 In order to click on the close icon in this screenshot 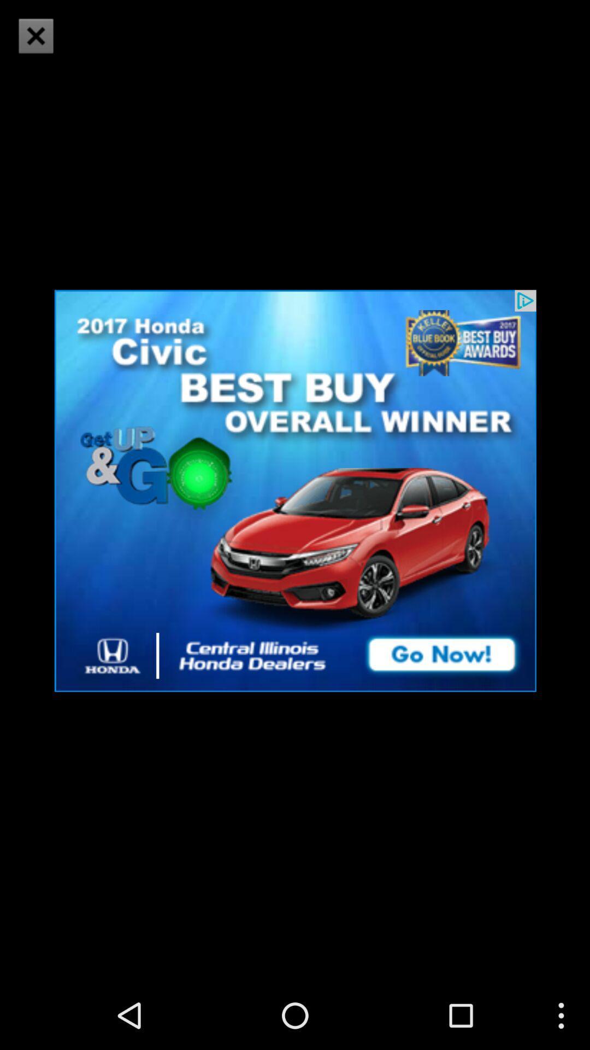, I will do `click(35, 38)`.